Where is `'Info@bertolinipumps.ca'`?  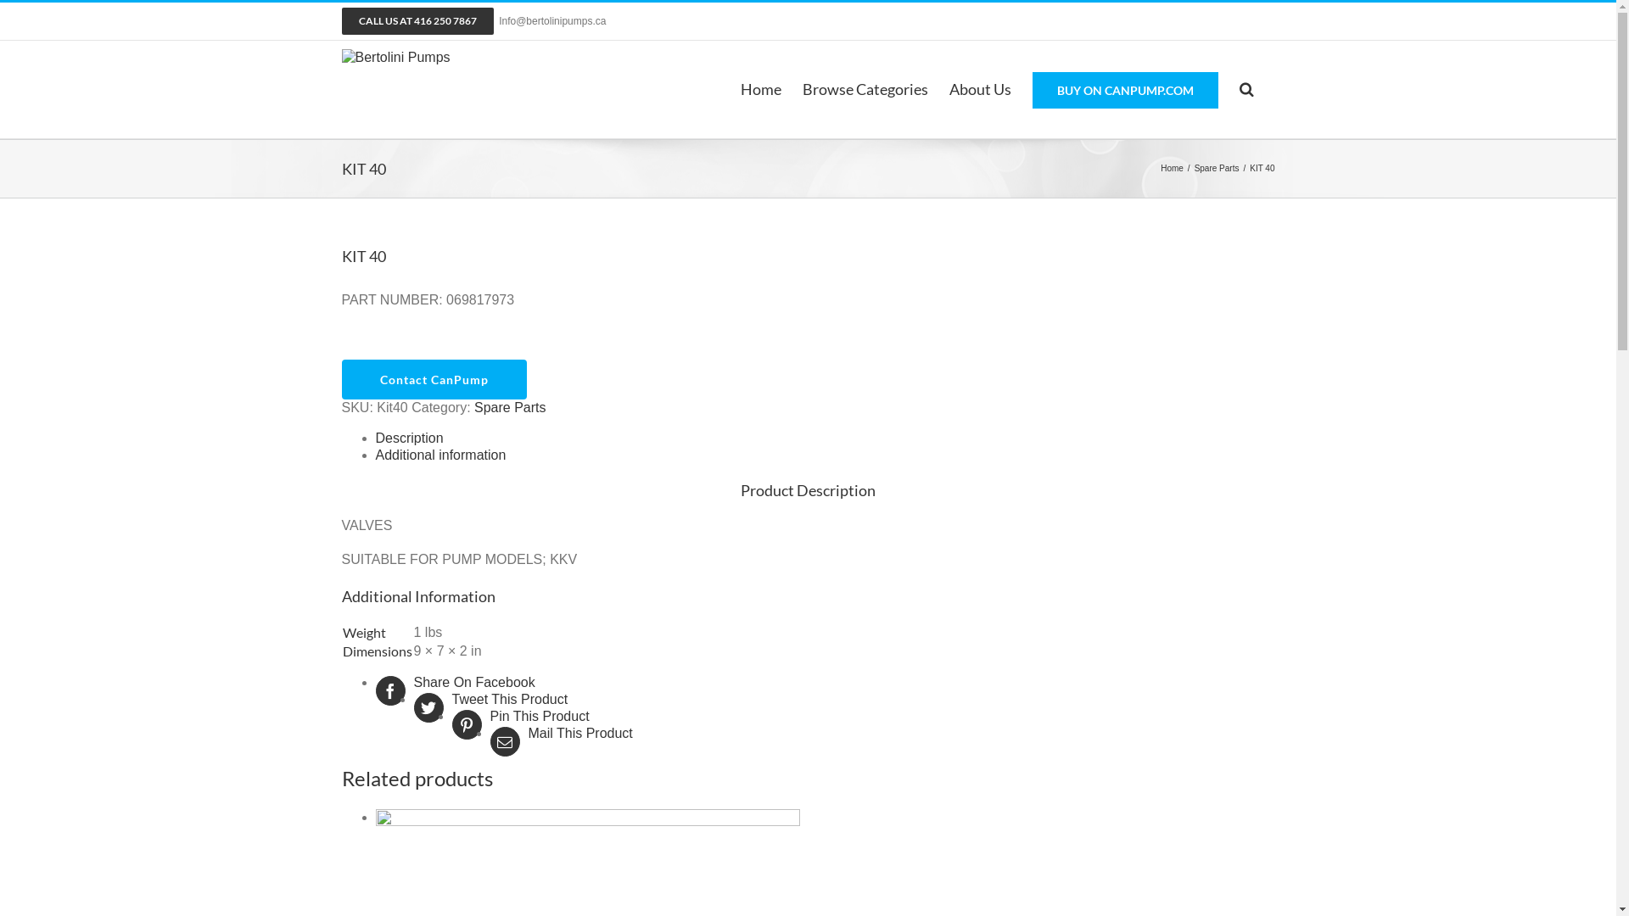 'Info@bertolinipumps.ca' is located at coordinates (498, 20).